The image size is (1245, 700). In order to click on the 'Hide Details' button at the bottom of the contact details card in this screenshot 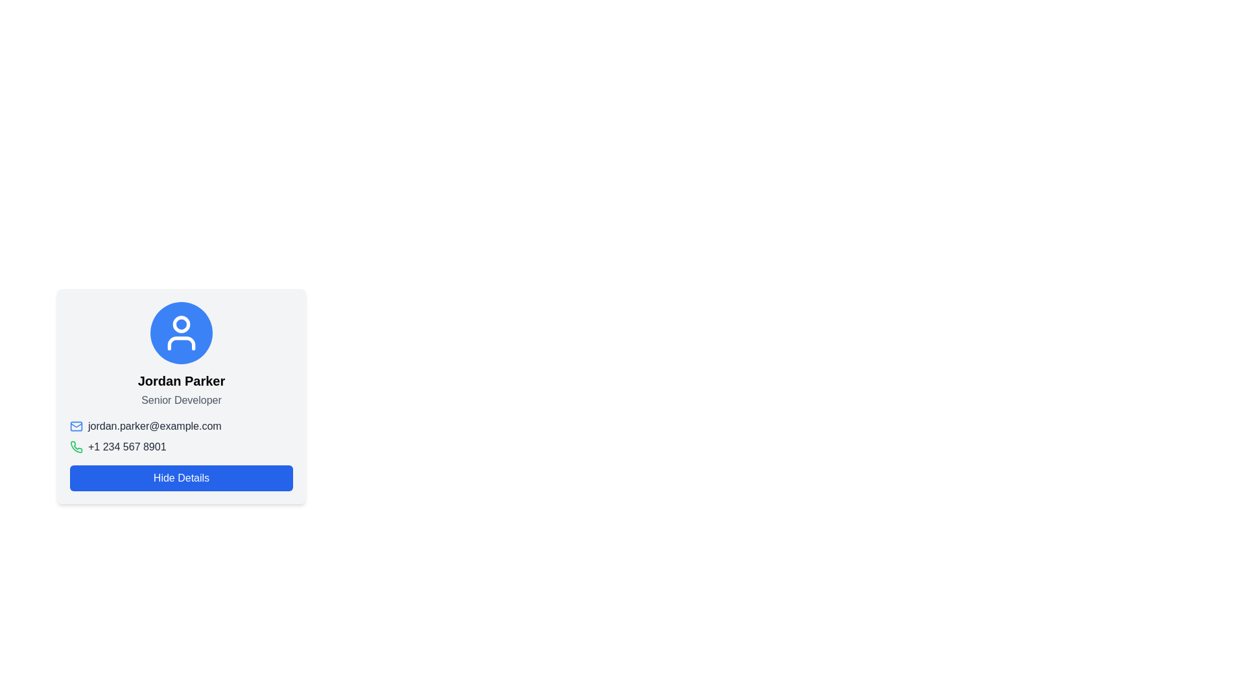, I will do `click(180, 478)`.